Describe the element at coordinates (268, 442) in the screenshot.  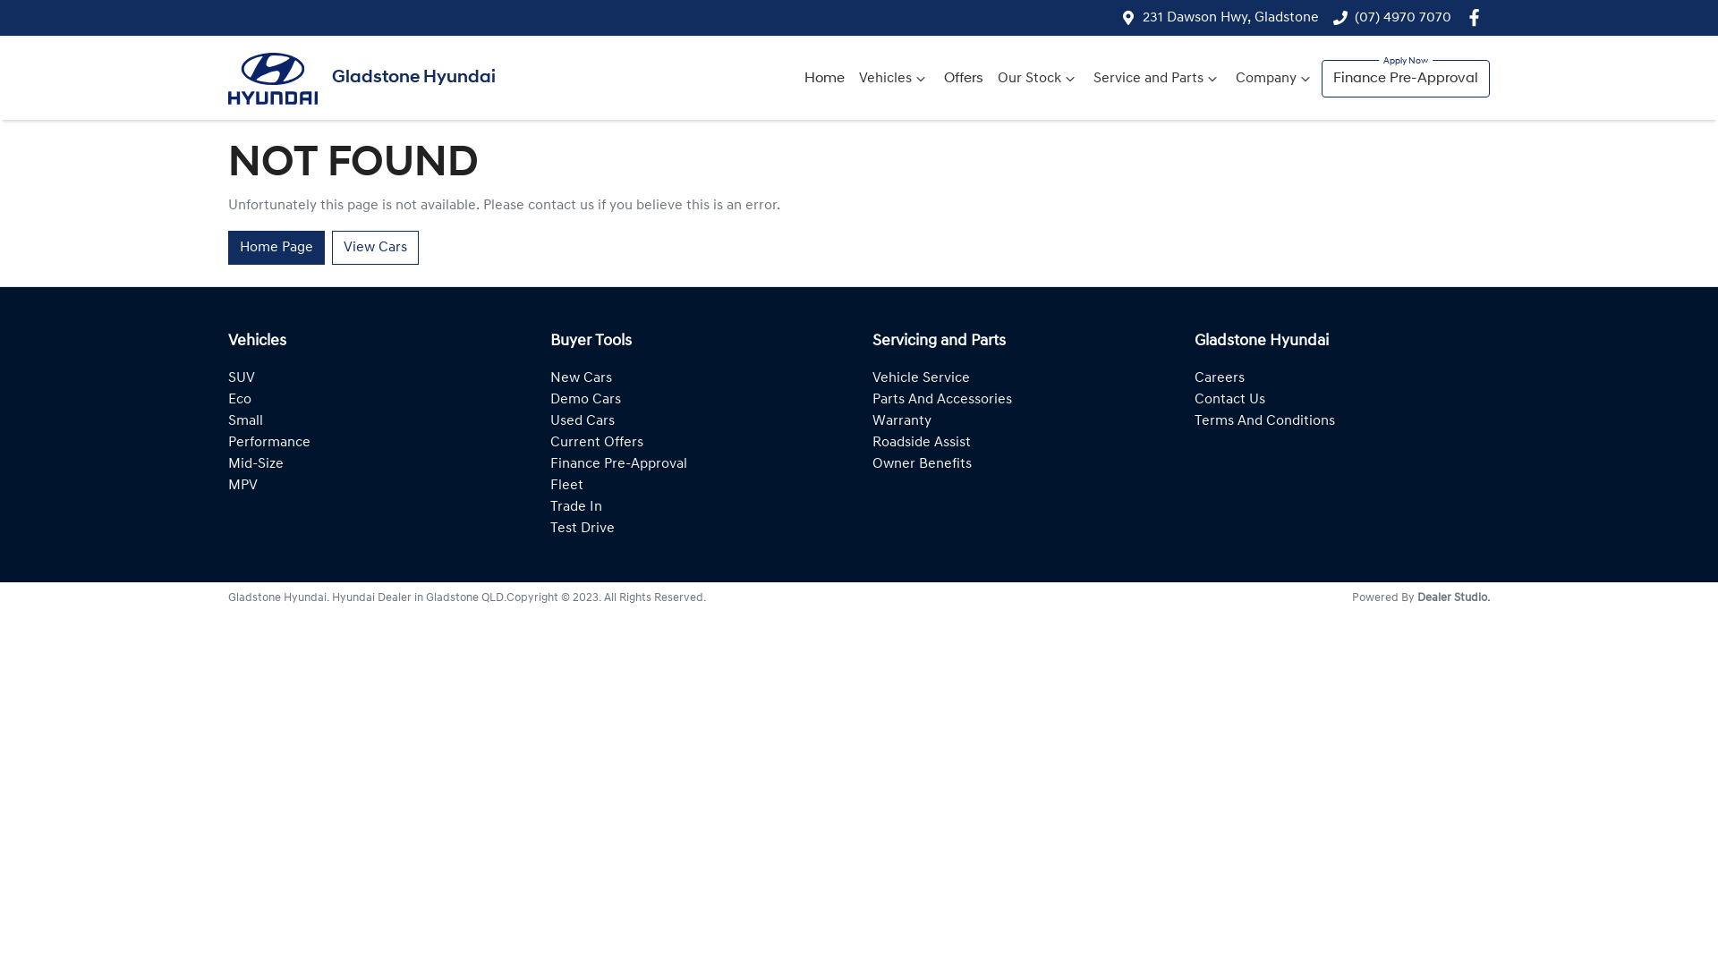
I see `'Performance'` at that location.